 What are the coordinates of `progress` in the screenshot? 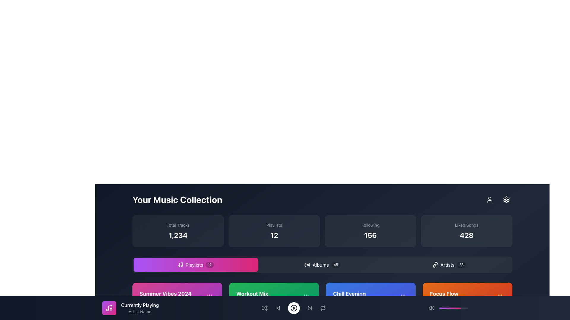 It's located at (466, 308).